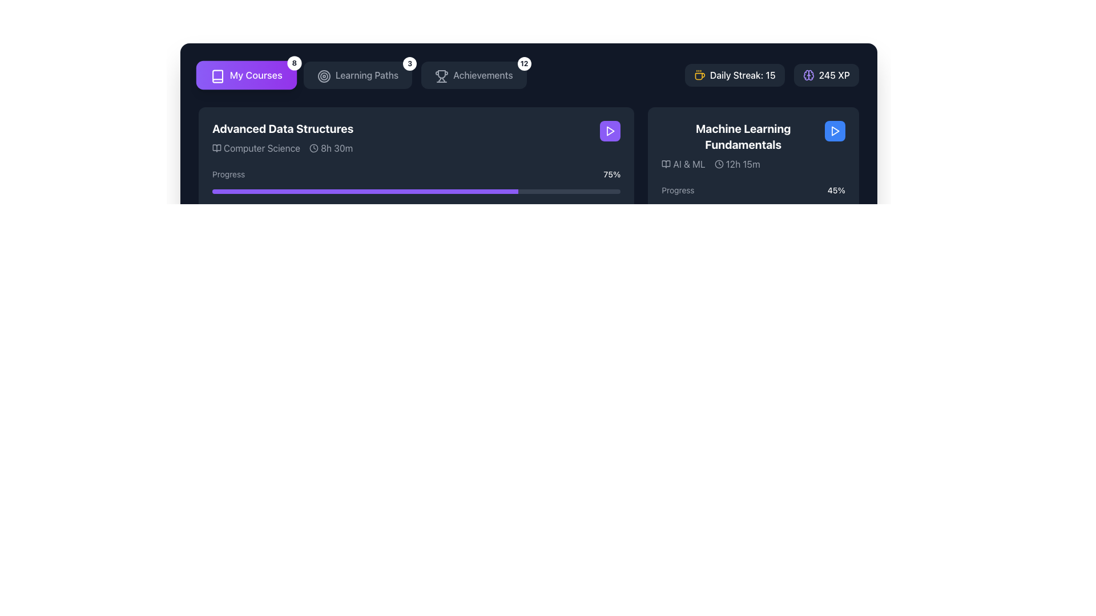  I want to click on the book-shaped icon with a purple stroke located in the top navigation bar, so click(217, 76).